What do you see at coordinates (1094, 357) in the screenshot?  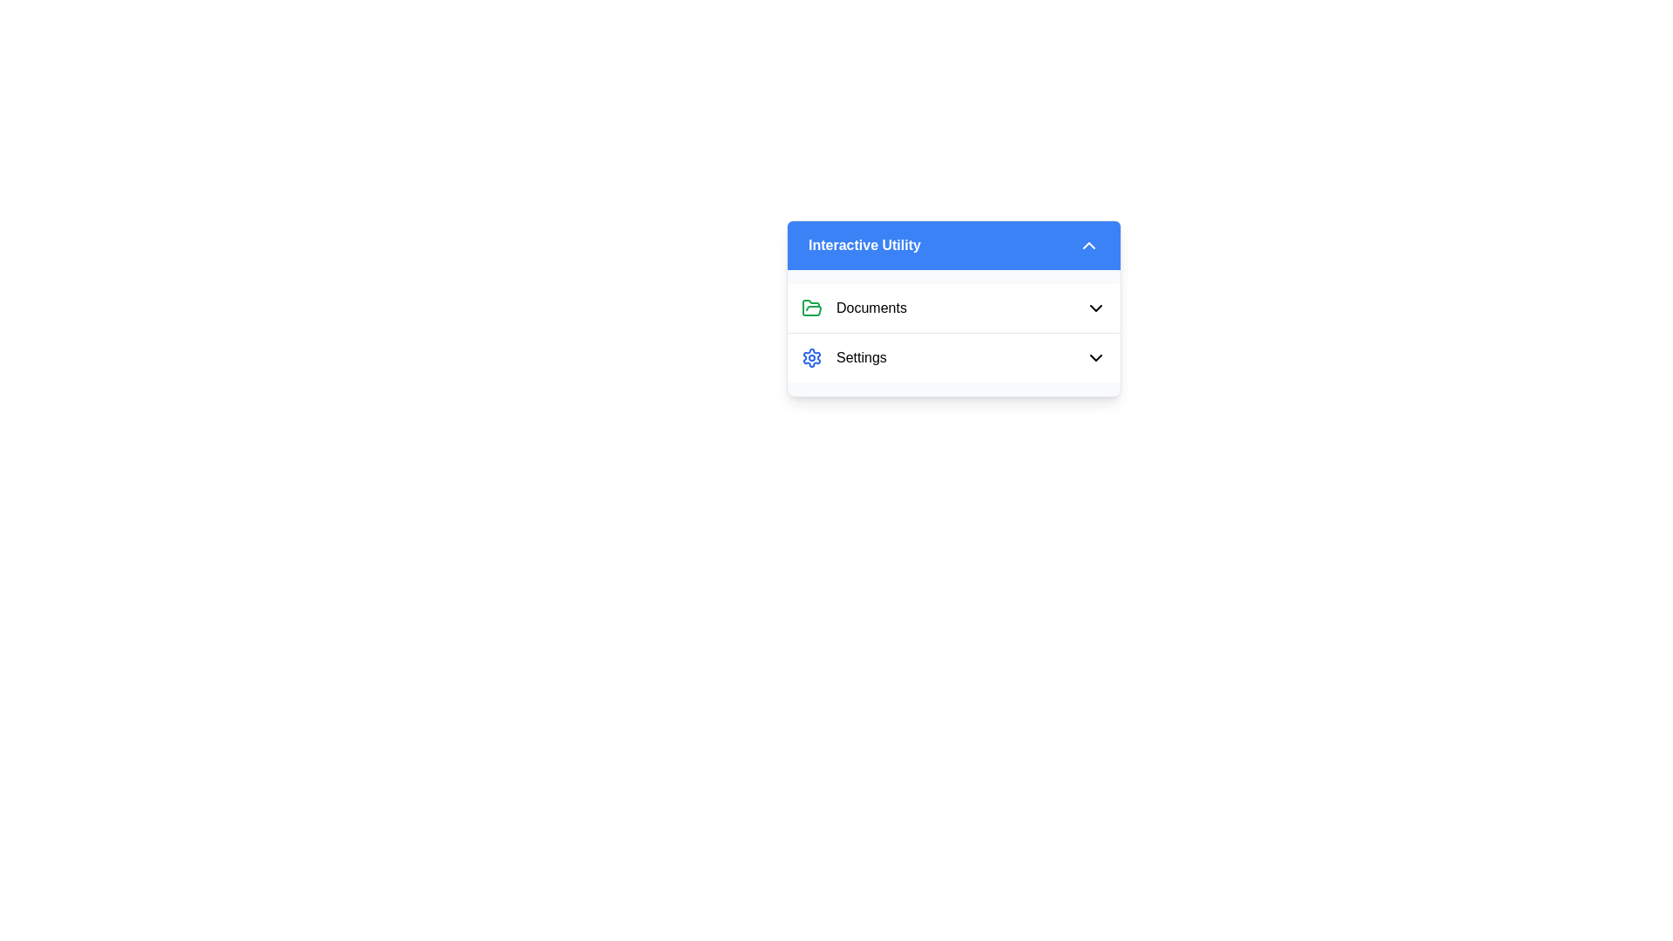 I see `the chevron icon located to the far right of the 'Settings' row under the 'Interactive Utility' header` at bounding box center [1094, 357].